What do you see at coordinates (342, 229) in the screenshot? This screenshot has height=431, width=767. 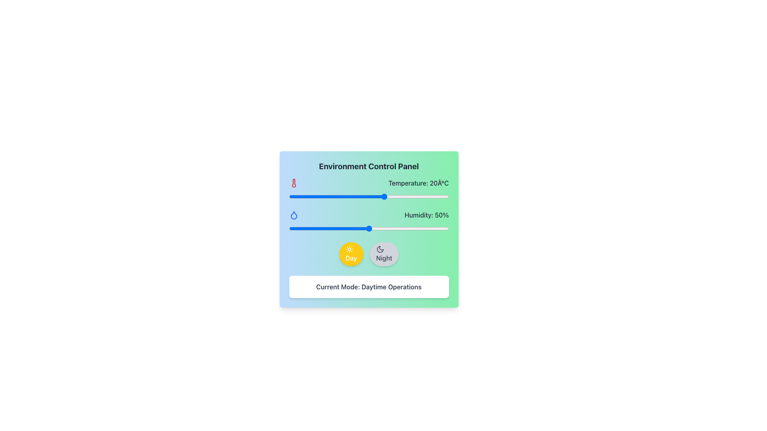 I see `the humidity level` at bounding box center [342, 229].